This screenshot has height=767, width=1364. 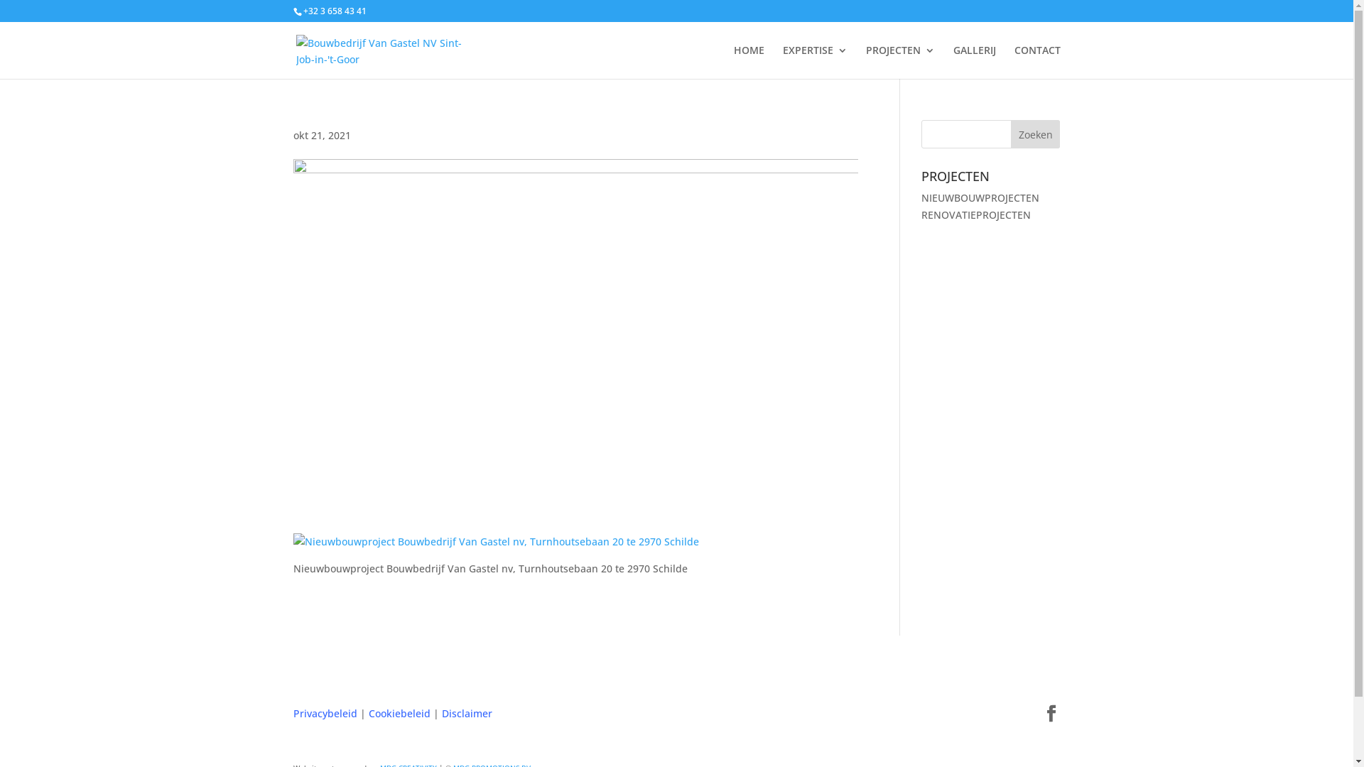 I want to click on 'Cookiebeleid', so click(x=398, y=713).